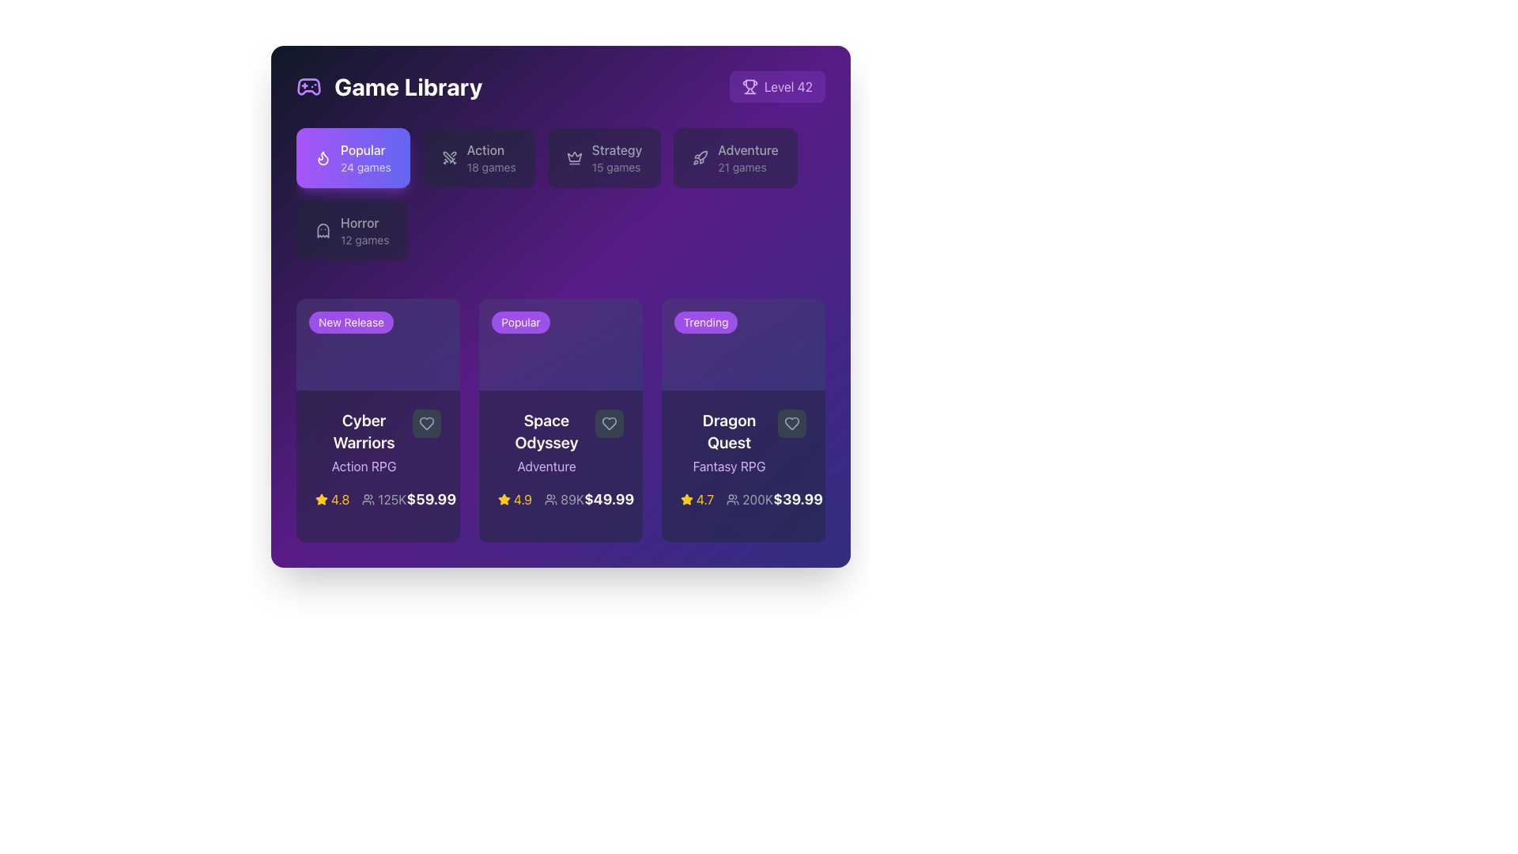 The height and width of the screenshot is (854, 1518). What do you see at coordinates (515, 500) in the screenshot?
I see `the Rating indicator consisting of a star icon and numerical value, located in the second card from the left in the middle row of the 'Game Library' section, beneath 'Adventure' and above '$49.99'` at bounding box center [515, 500].